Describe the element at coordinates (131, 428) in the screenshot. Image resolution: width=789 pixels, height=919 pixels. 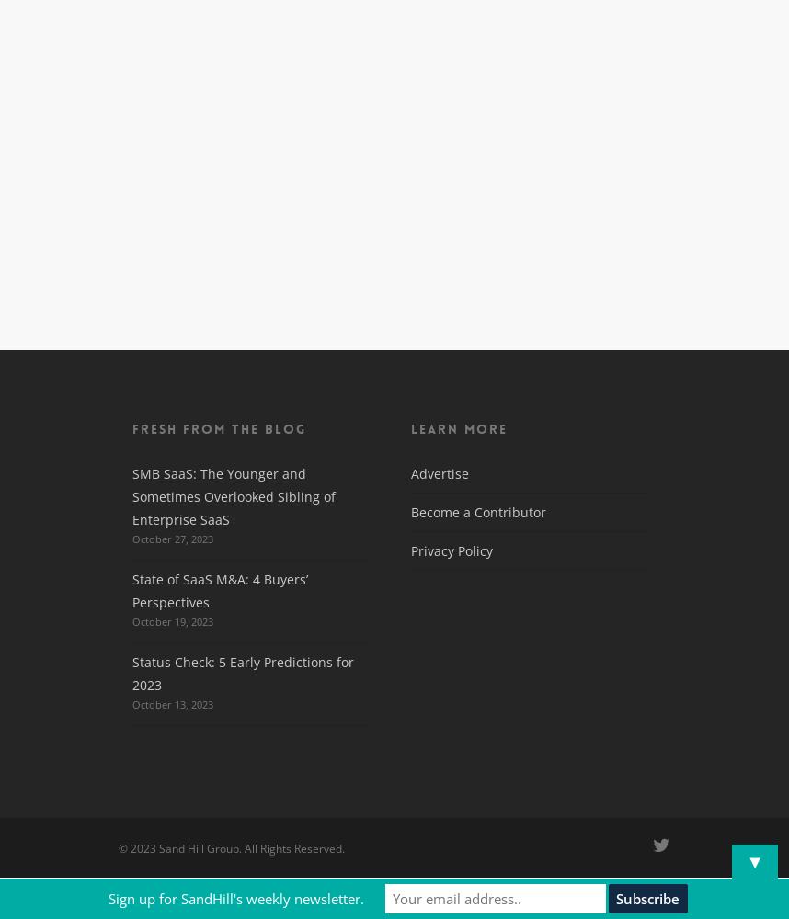
I see `'Fresh From The Blog'` at that location.